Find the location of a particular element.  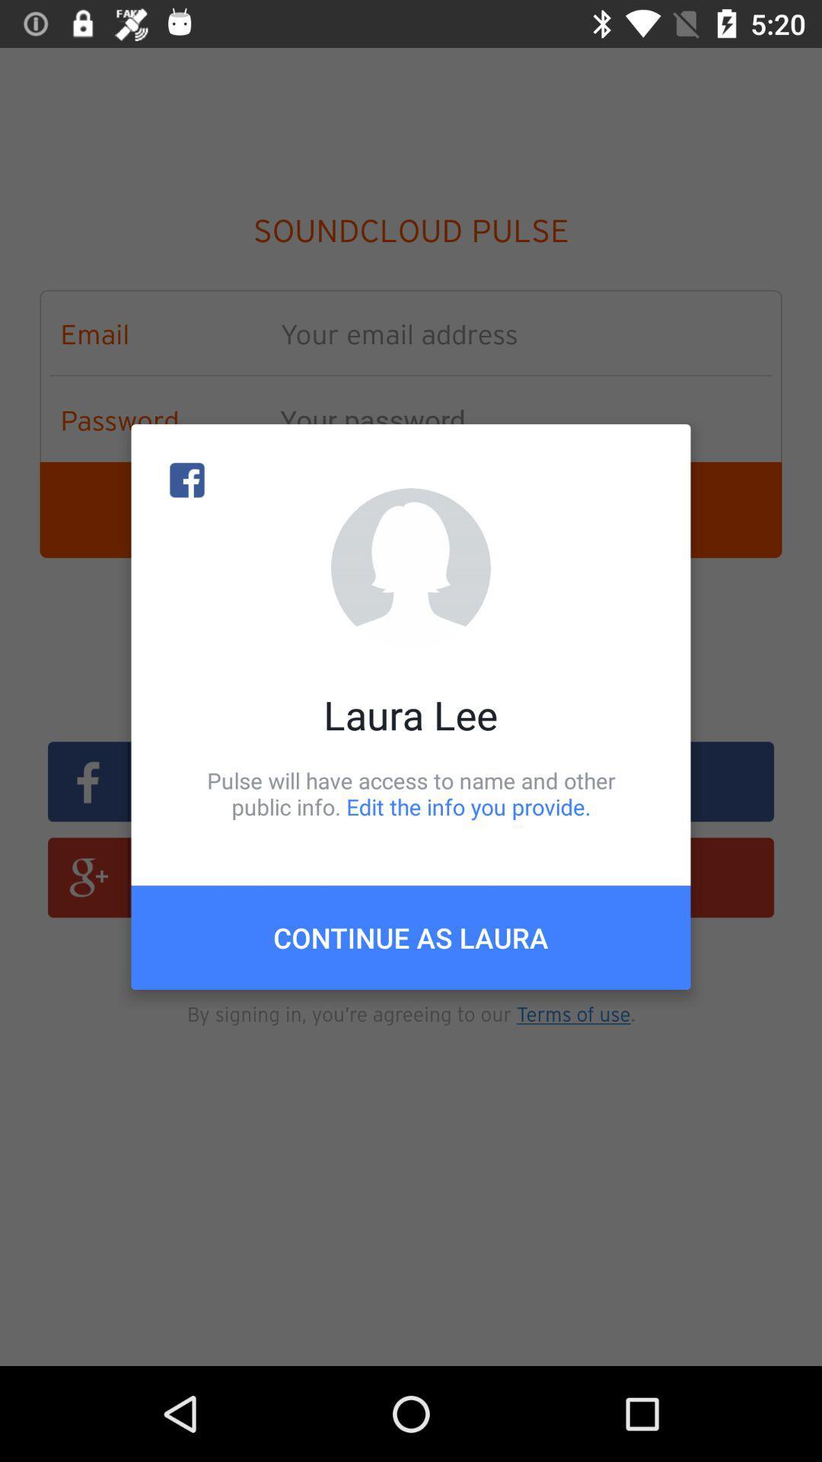

item below laura lee item is located at coordinates (411, 793).